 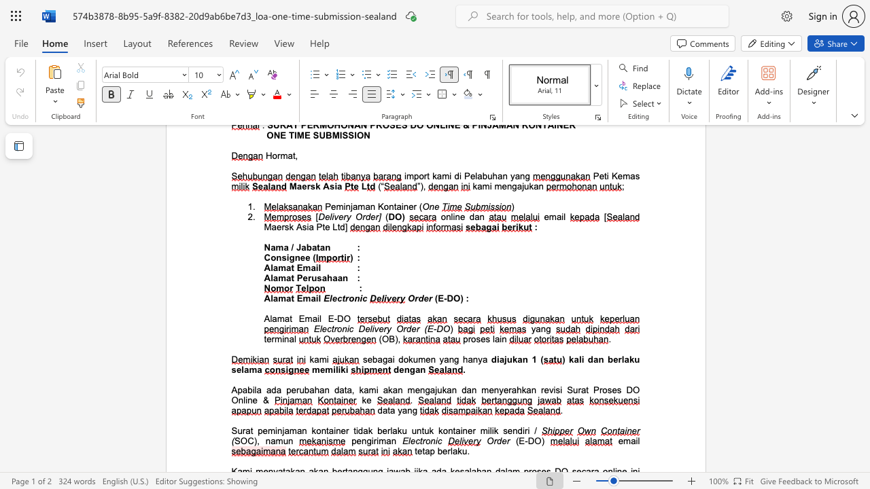 I want to click on the space between the continuous character "m" and "i" in the text, so click(x=280, y=338).